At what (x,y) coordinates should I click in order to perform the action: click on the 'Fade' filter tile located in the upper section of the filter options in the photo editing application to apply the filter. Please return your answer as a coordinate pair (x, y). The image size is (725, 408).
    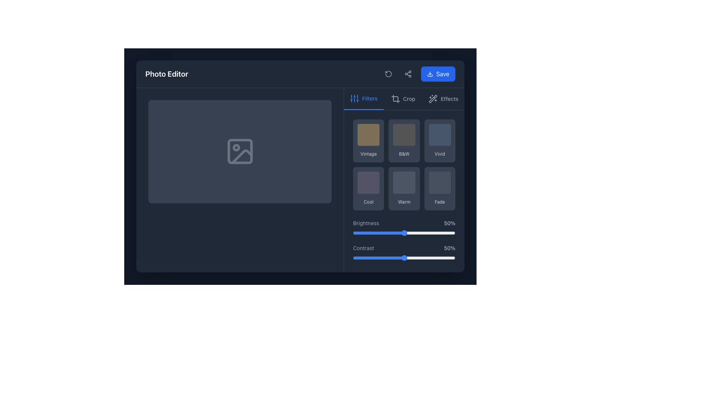
    Looking at the image, I should click on (440, 182).